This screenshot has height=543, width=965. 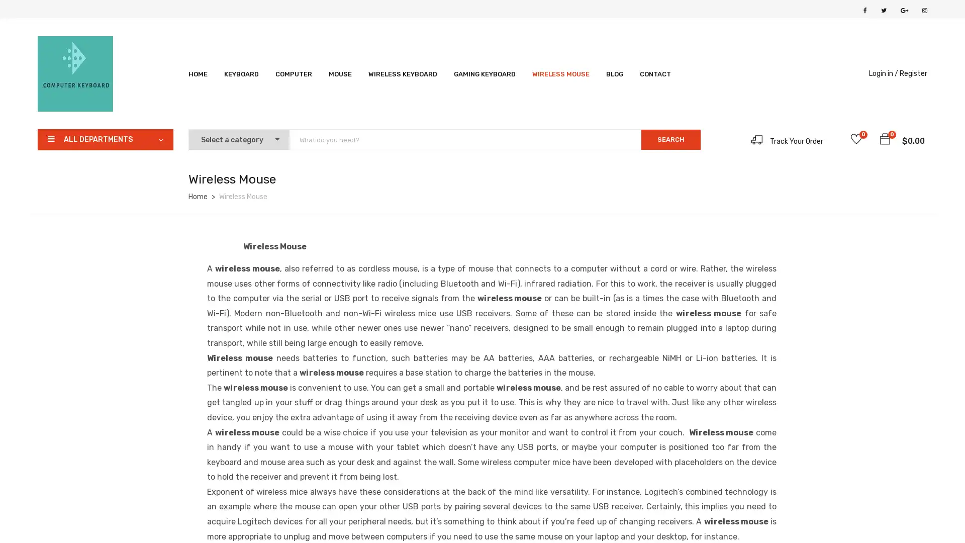 I want to click on SEARCH, so click(x=670, y=139).